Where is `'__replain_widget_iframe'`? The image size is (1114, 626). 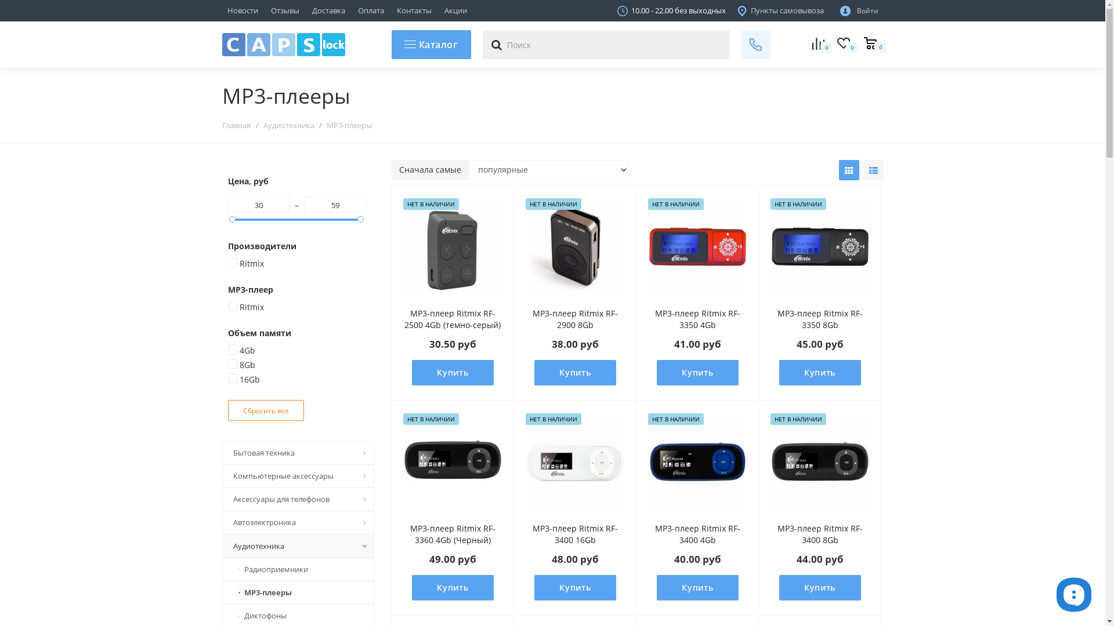 '__replain_widget_iframe' is located at coordinates (1072, 594).